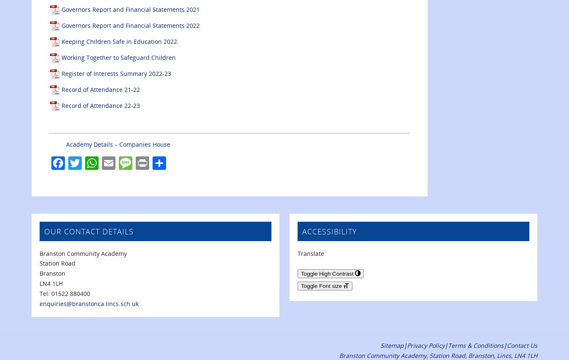 The height and width of the screenshot is (360, 569). I want to click on 'Toggle High Contrast', so click(326, 274).